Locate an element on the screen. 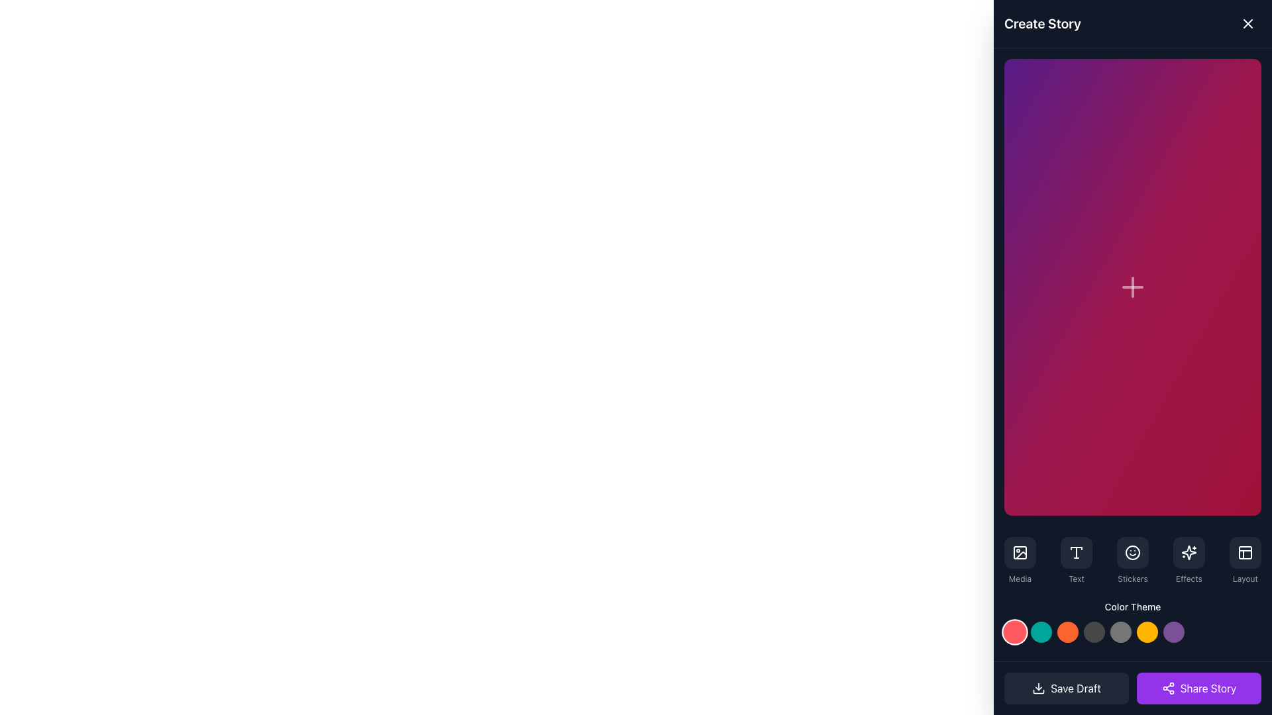 The image size is (1272, 715). the close button in the top-right corner of the 'Create Story' panel to trigger the hover effect is located at coordinates (1247, 23).